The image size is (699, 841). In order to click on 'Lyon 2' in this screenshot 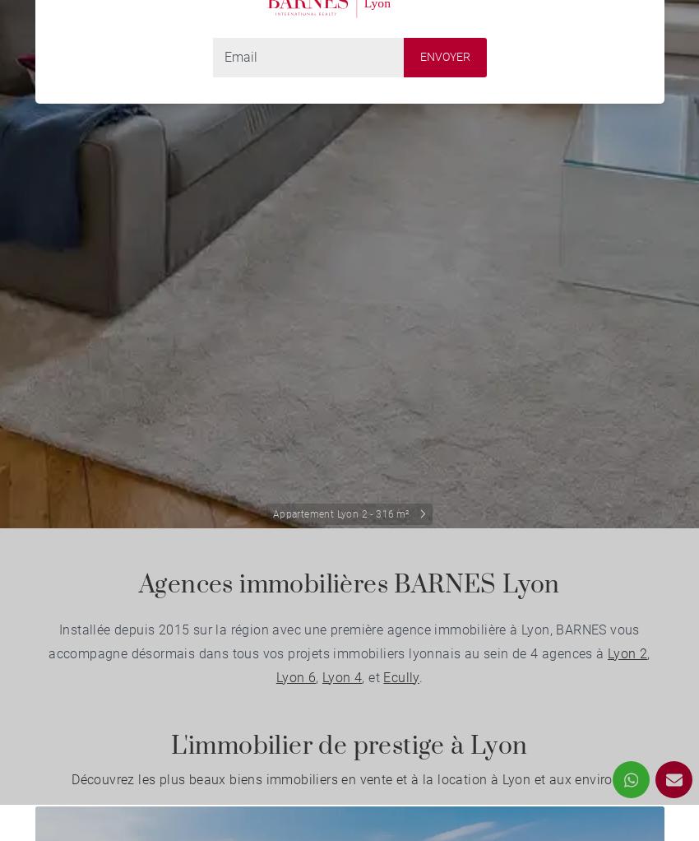, I will do `click(627, 653)`.